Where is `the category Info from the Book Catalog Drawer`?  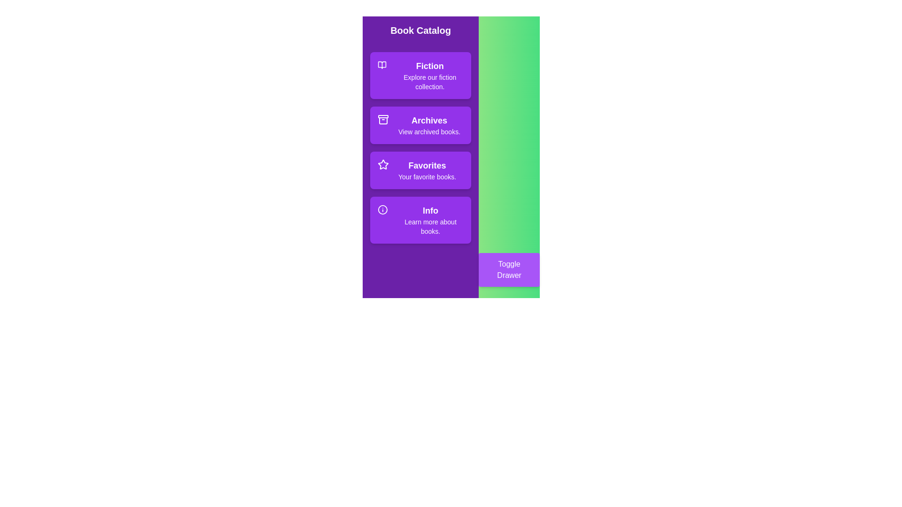 the category Info from the Book Catalog Drawer is located at coordinates (420, 220).